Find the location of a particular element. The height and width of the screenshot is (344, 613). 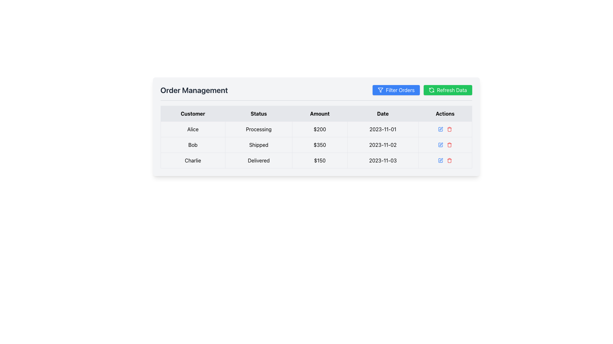

the blue rectangular button labeled 'Filter Orders' with a white funnel icon to apply a filter is located at coordinates (396, 90).